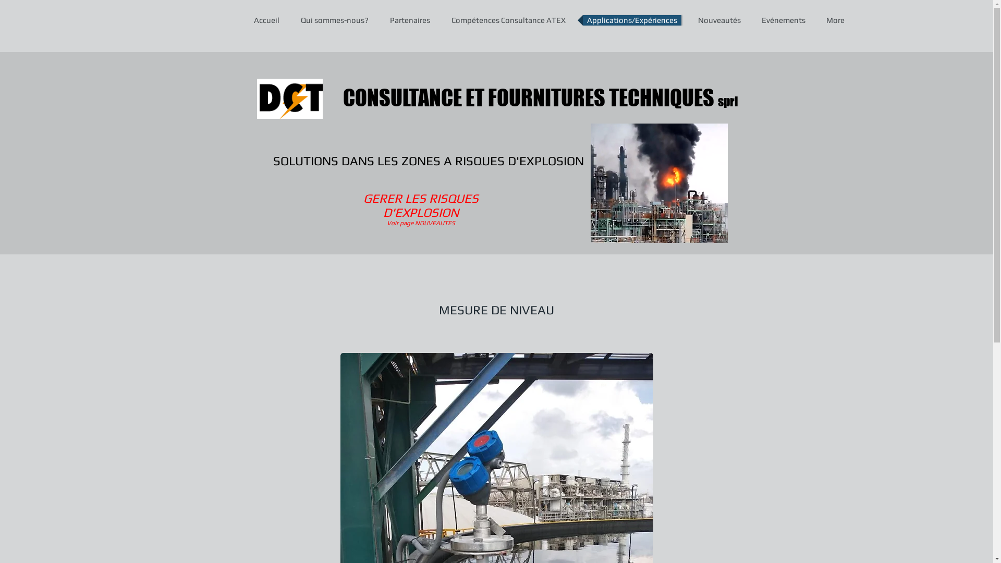  I want to click on 'Qui sommes-nous?', so click(334, 20).